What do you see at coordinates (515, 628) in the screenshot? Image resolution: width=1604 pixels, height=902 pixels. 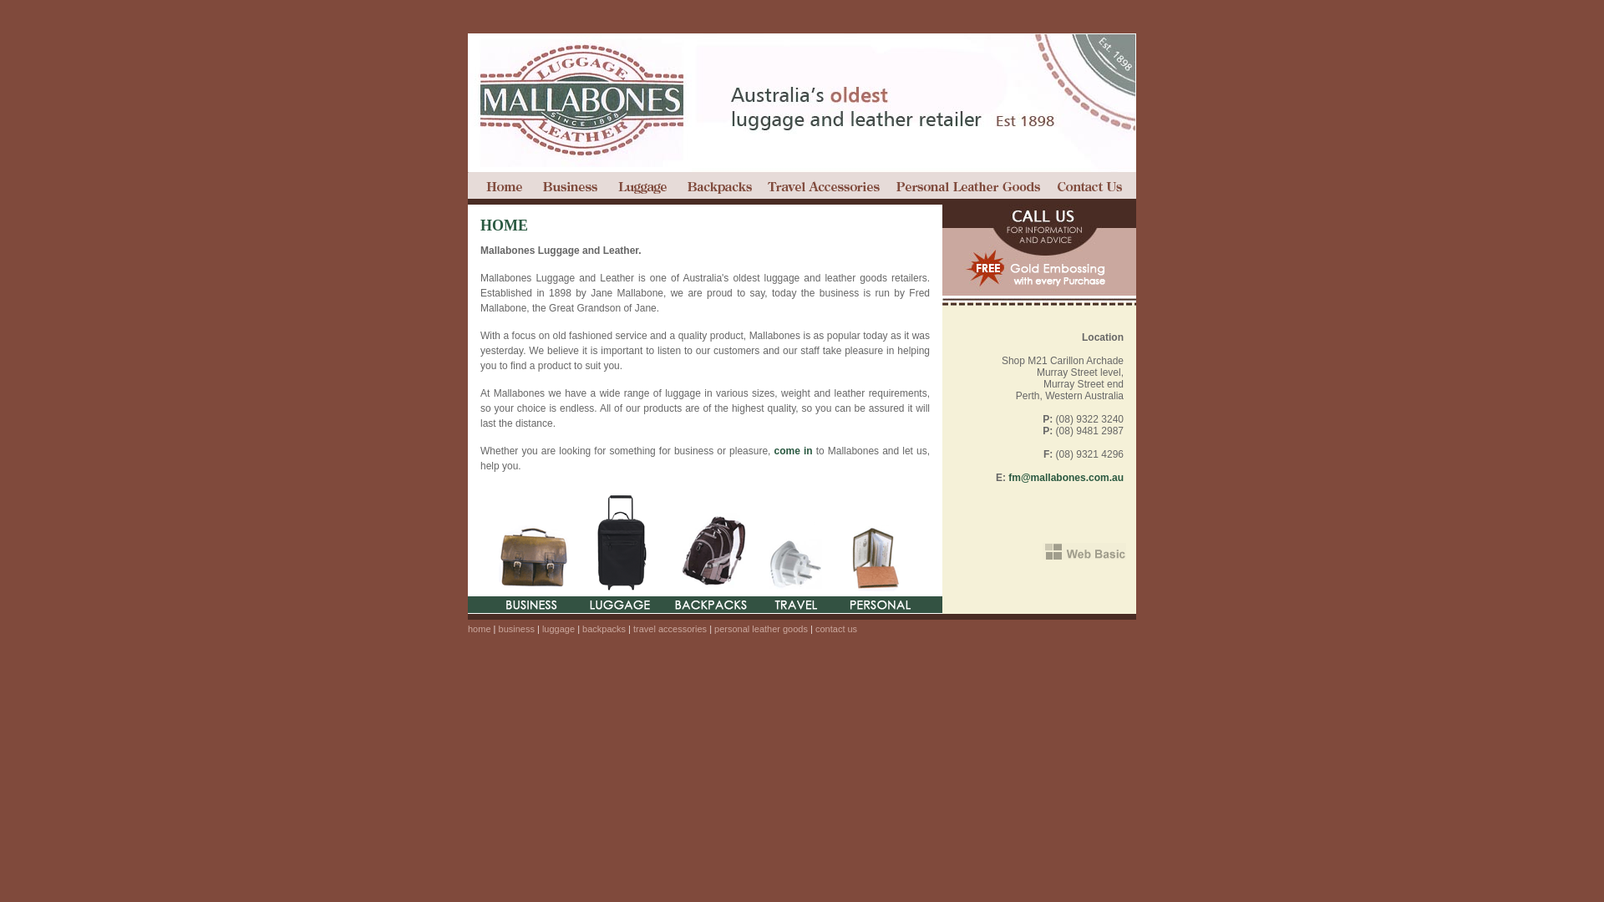 I see `'business'` at bounding box center [515, 628].